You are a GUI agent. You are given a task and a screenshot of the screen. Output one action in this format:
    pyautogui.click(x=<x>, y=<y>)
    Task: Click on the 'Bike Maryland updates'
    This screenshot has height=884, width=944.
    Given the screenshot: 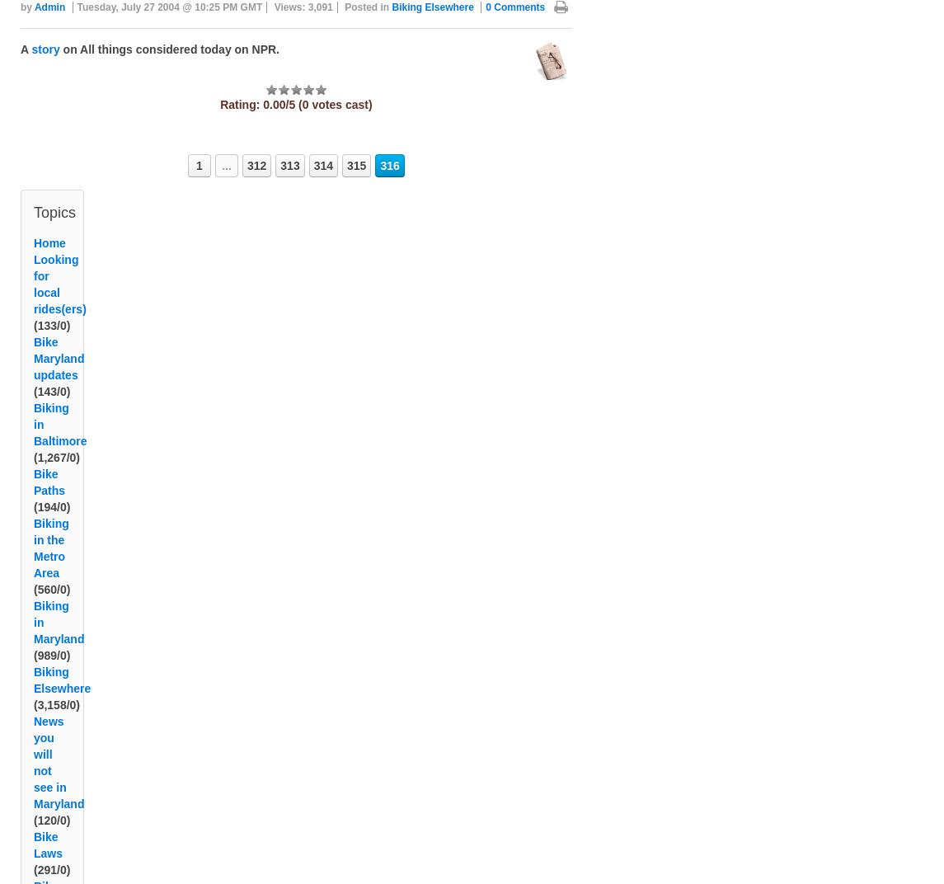 What is the action you would take?
    pyautogui.click(x=59, y=378)
    